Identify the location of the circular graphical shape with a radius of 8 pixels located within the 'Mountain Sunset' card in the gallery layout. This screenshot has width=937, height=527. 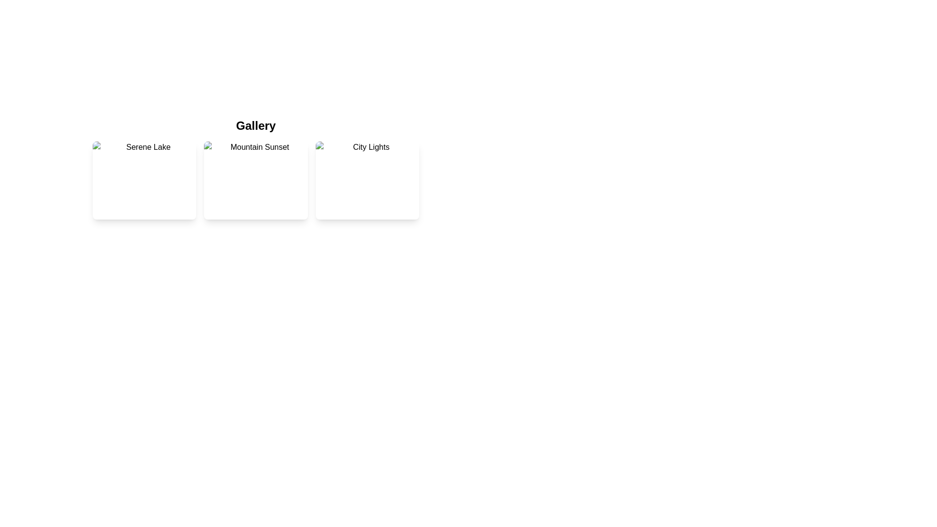
(255, 180).